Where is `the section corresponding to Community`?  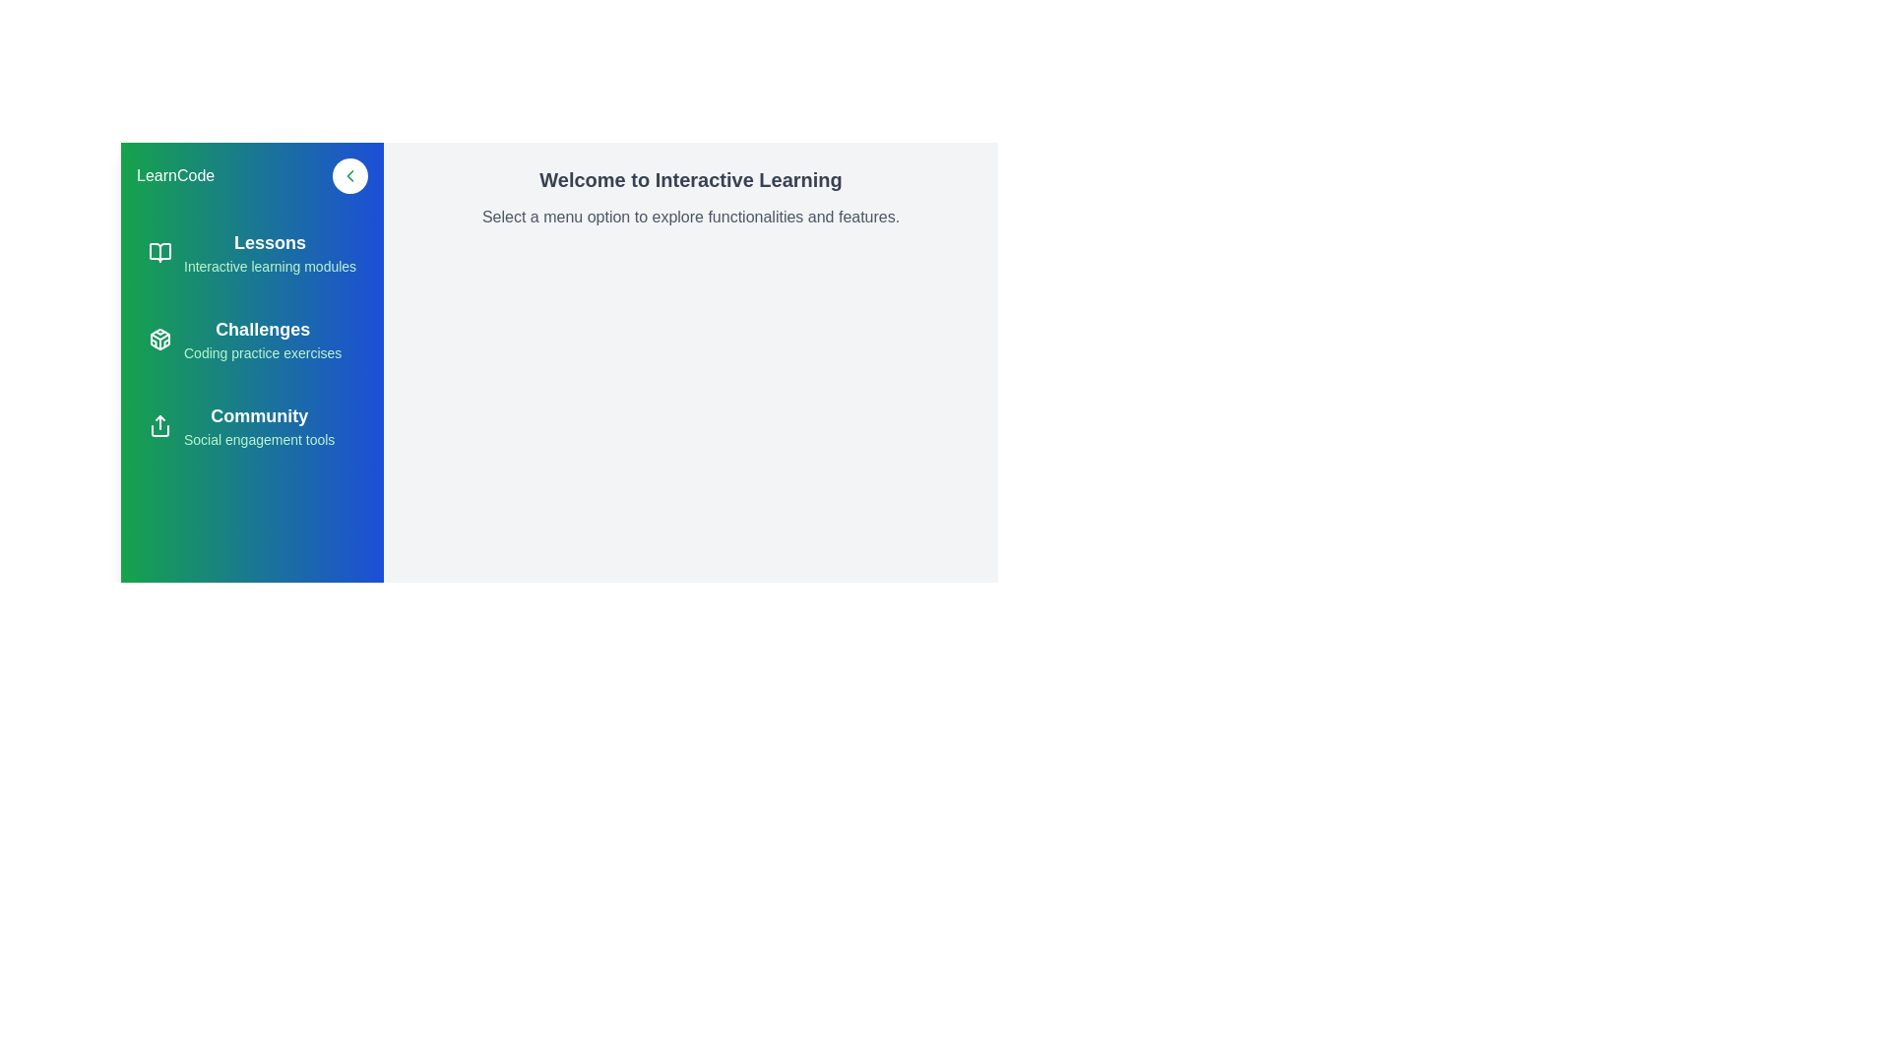
the section corresponding to Community is located at coordinates (251, 424).